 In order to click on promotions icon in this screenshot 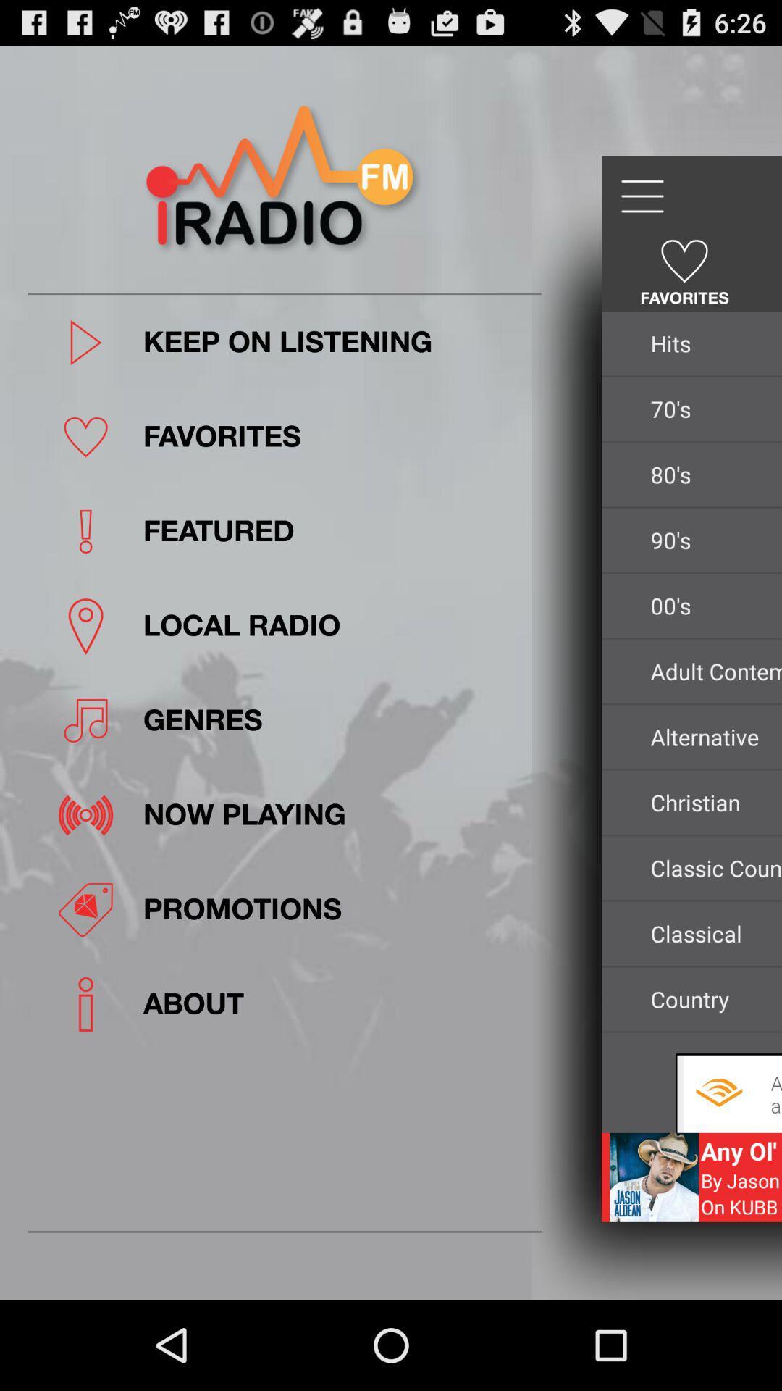, I will do `click(337, 908)`.